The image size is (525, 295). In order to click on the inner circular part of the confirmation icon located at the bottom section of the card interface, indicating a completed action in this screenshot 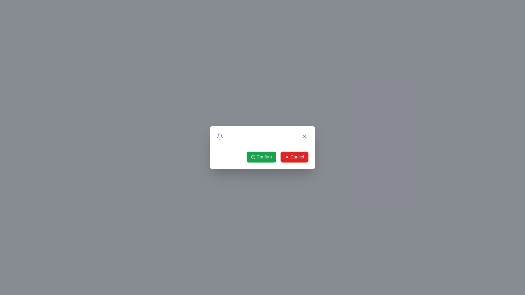, I will do `click(253, 157)`.